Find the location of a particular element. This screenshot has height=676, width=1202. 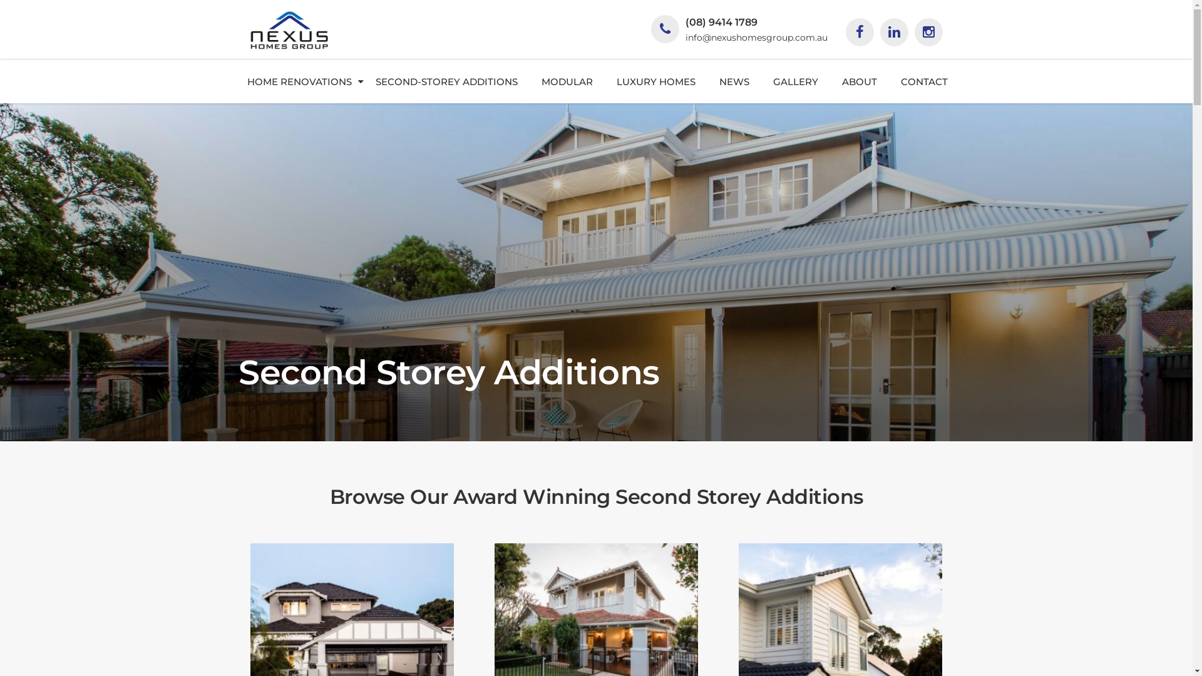

'SECOND-STOREY ADDITIONS' is located at coordinates (362, 81).